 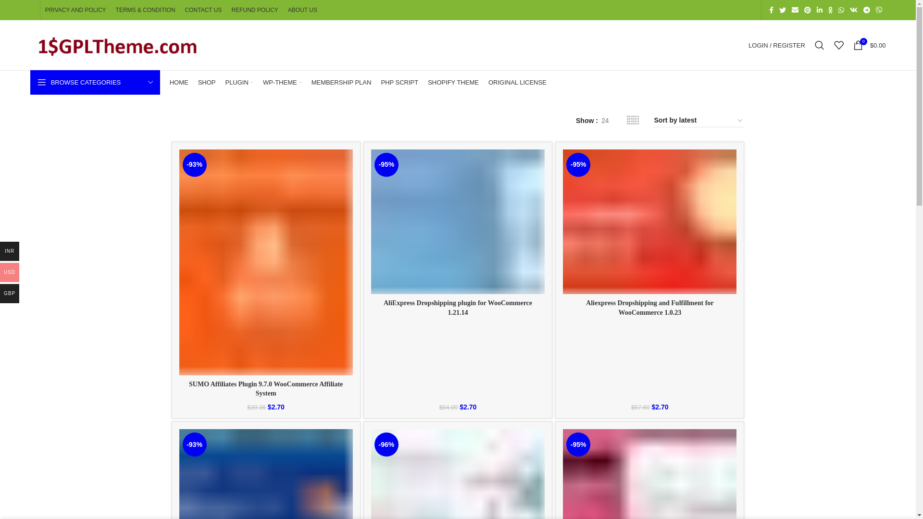 What do you see at coordinates (848, 45) in the screenshot?
I see `'0` at bounding box center [848, 45].